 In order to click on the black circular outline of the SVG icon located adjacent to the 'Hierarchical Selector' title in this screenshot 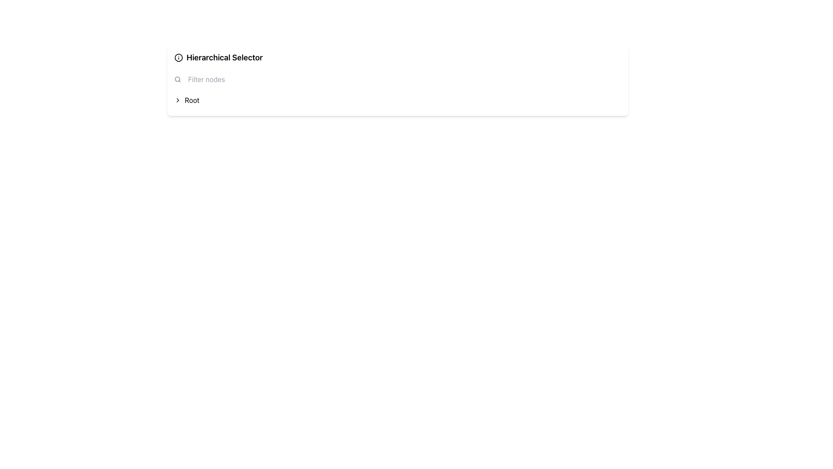, I will do `click(178, 57)`.